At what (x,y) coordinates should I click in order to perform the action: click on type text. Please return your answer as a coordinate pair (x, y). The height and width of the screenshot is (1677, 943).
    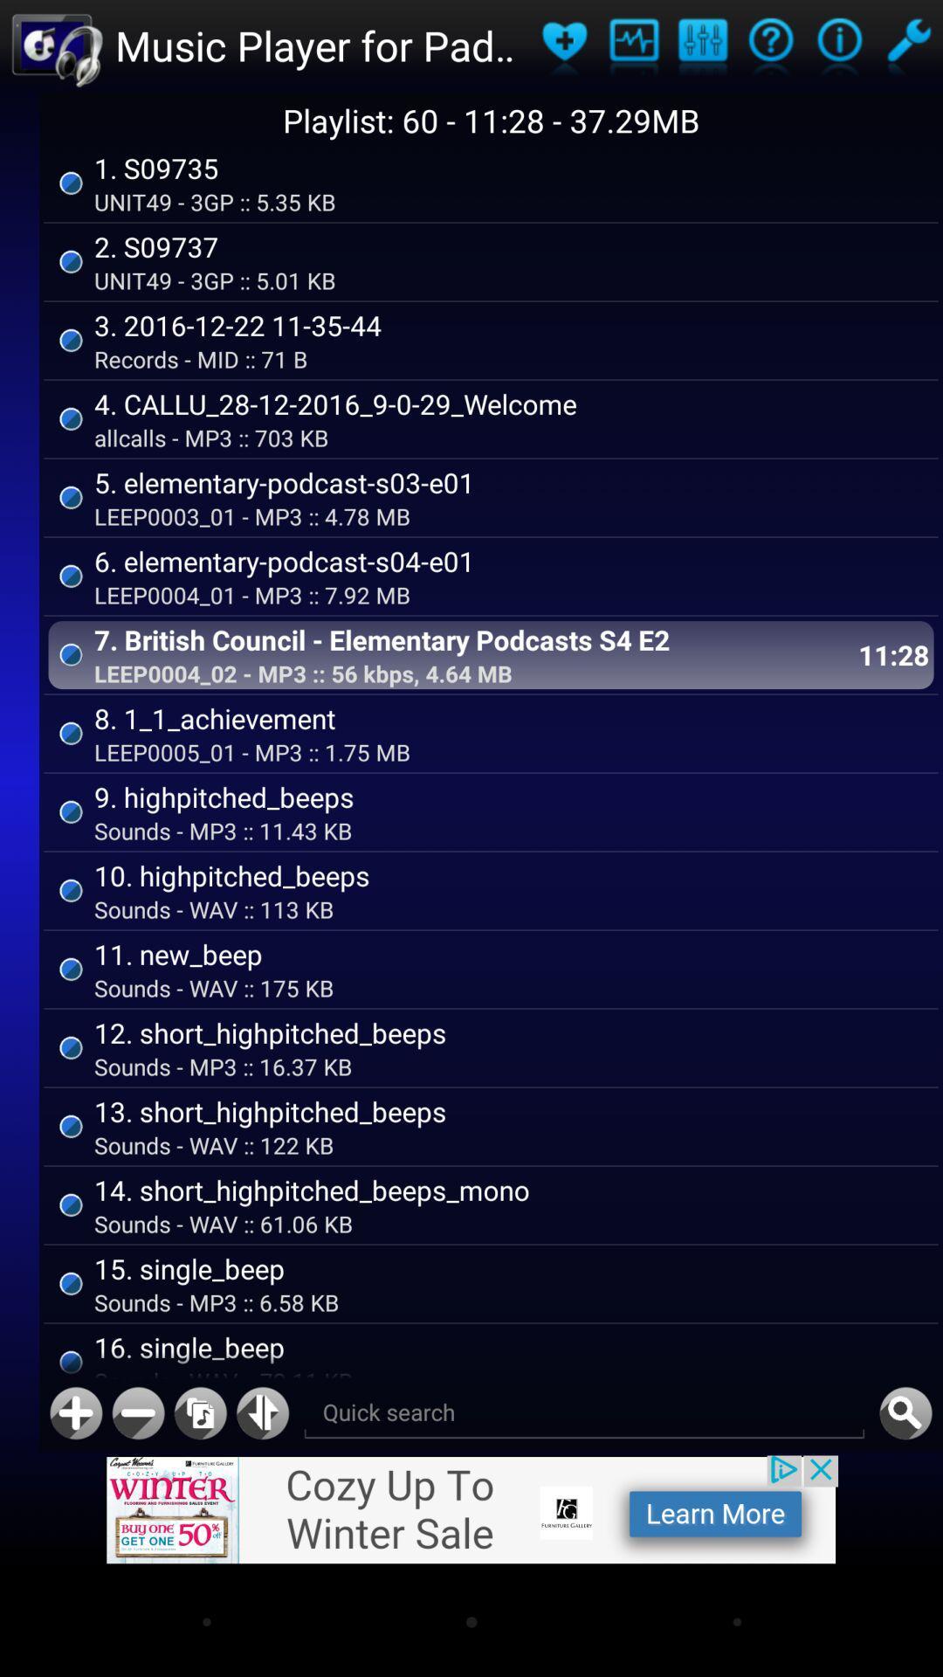
    Looking at the image, I should click on (584, 1413).